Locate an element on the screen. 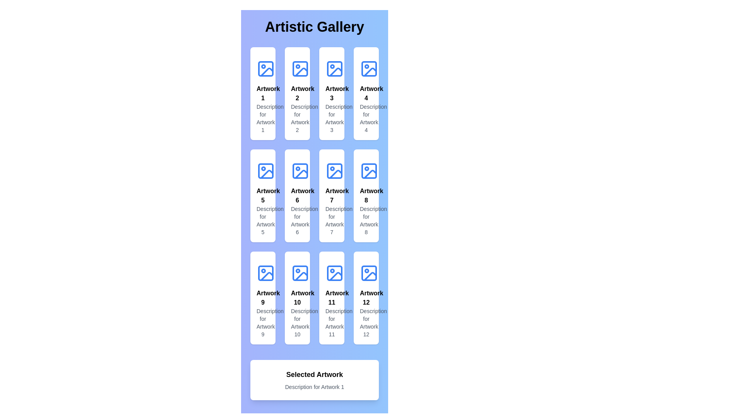 The image size is (743, 418). the graphical icon component located in the top right corner of the button labeled 'Artwork 4' is located at coordinates (369, 68).